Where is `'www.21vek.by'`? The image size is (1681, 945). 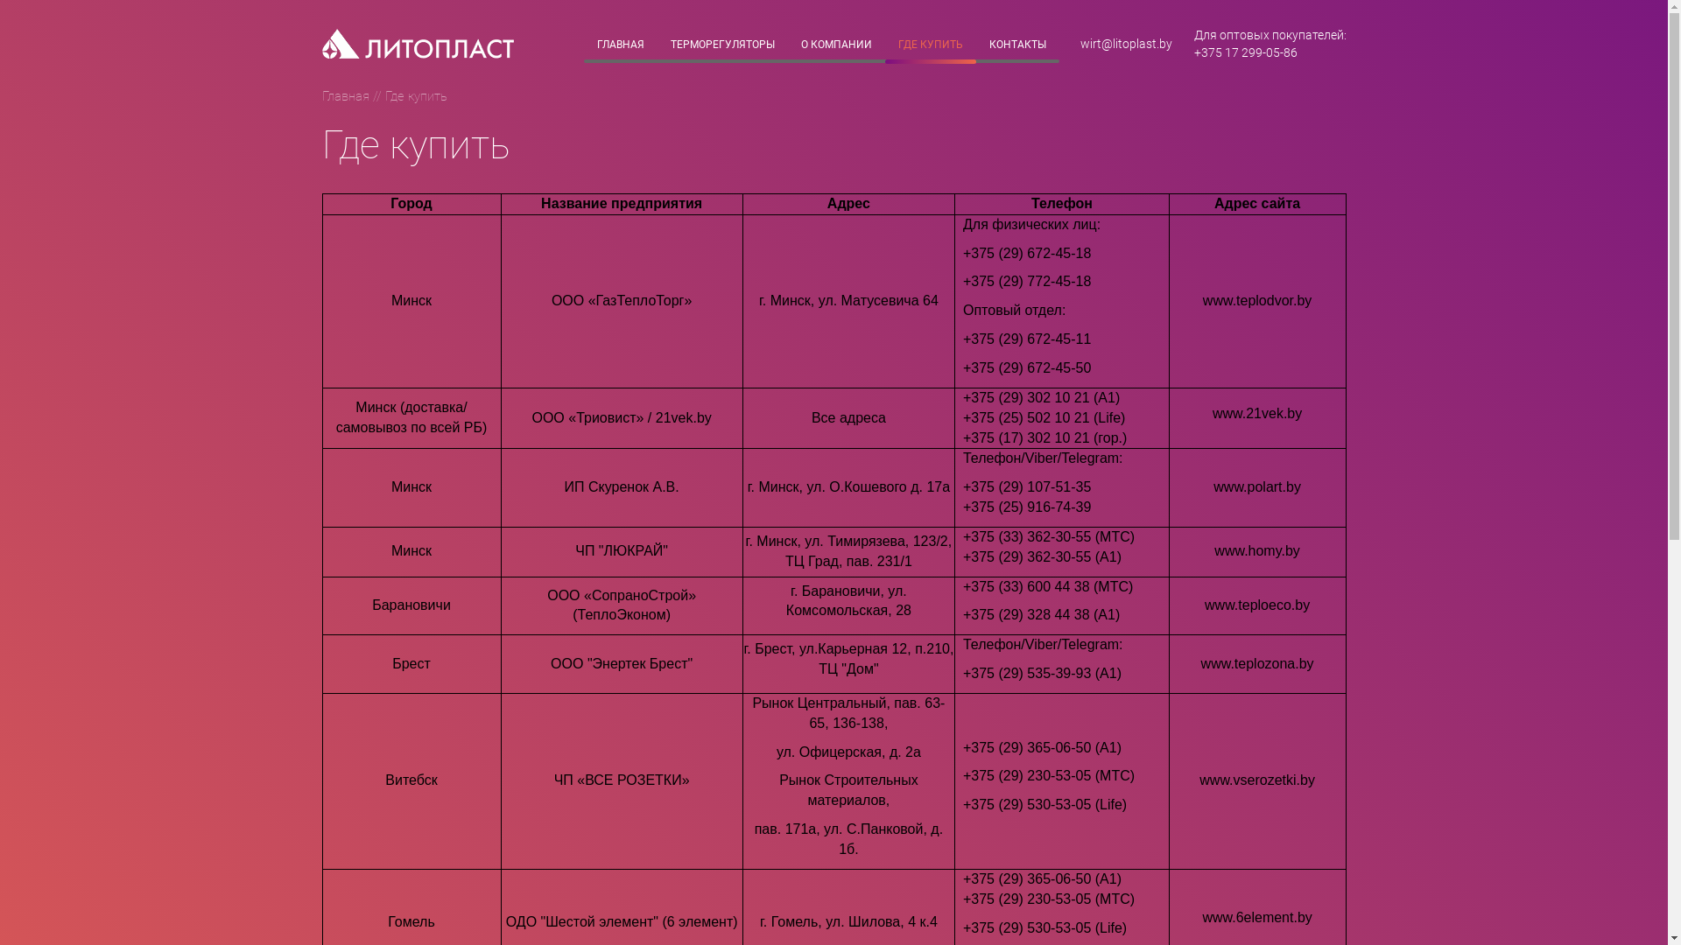
'www.21vek.by' is located at coordinates (1255, 413).